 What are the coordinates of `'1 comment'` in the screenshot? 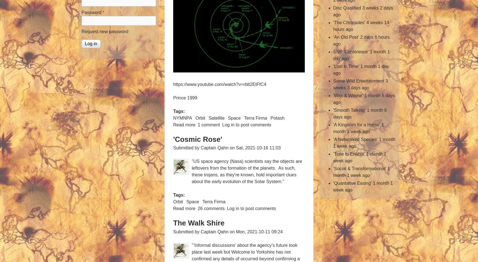 It's located at (209, 124).